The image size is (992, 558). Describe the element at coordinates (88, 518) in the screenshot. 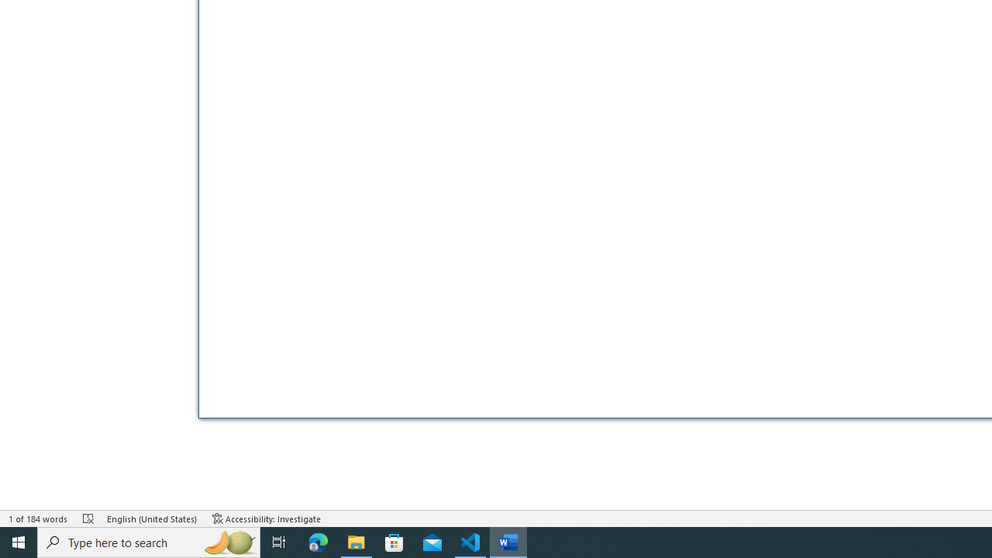

I see `'Spelling and Grammar Check Errors'` at that location.